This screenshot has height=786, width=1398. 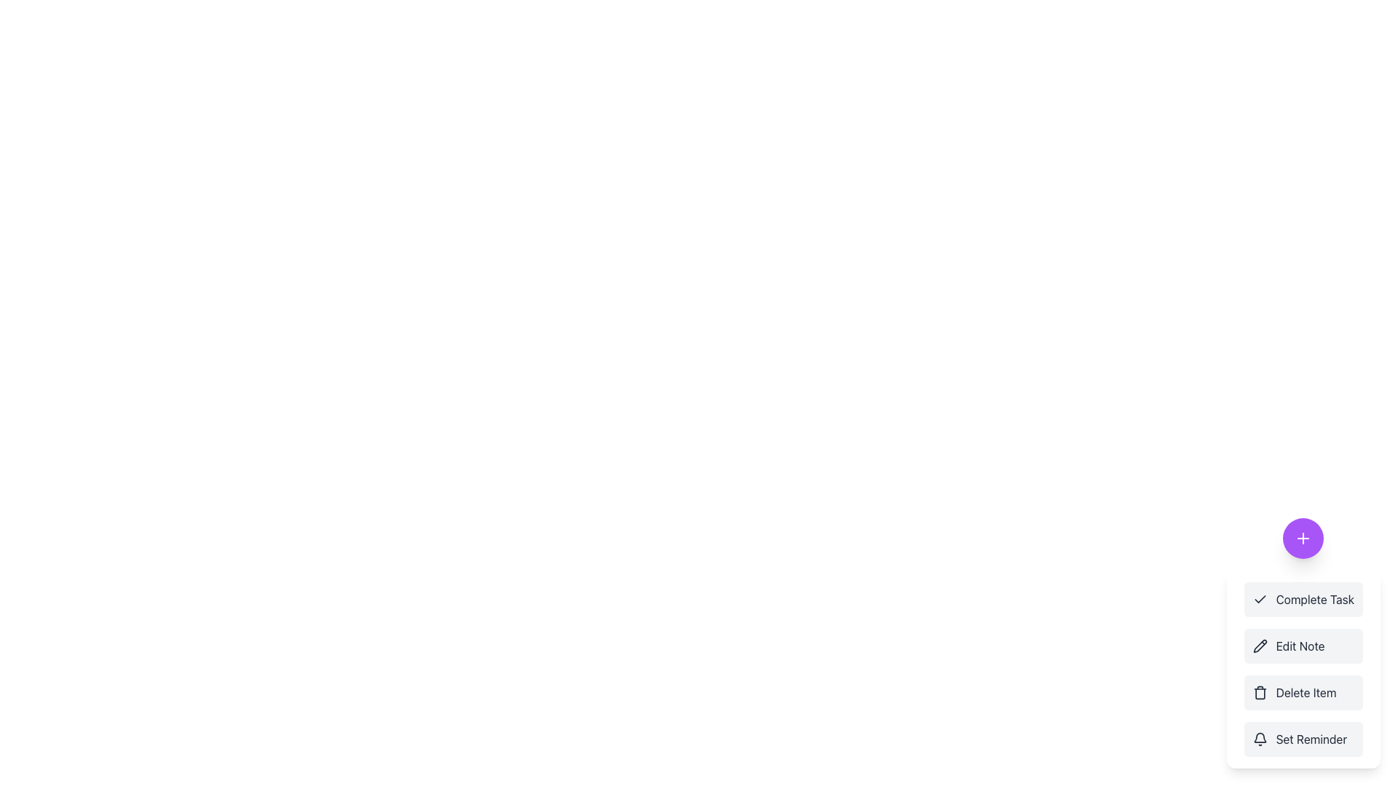 I want to click on the 'Delete Item' button, which is a rectangular button with rounded corners, a light gray background, and a trash can icon on the left, so click(x=1303, y=692).